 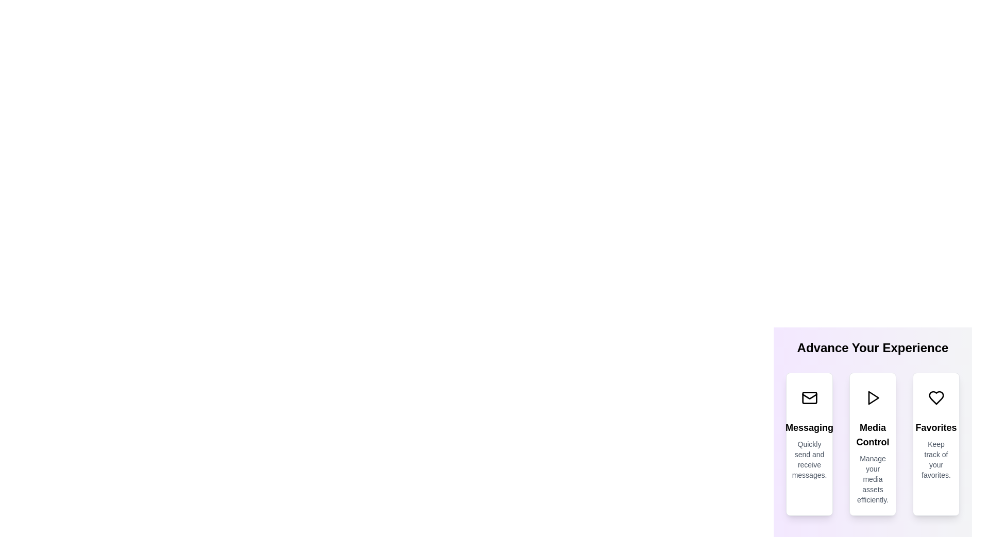 I want to click on the Informational Card located in the first column of the grid layout, positioned above 'Media Control' and 'Favorites', so click(x=809, y=444).